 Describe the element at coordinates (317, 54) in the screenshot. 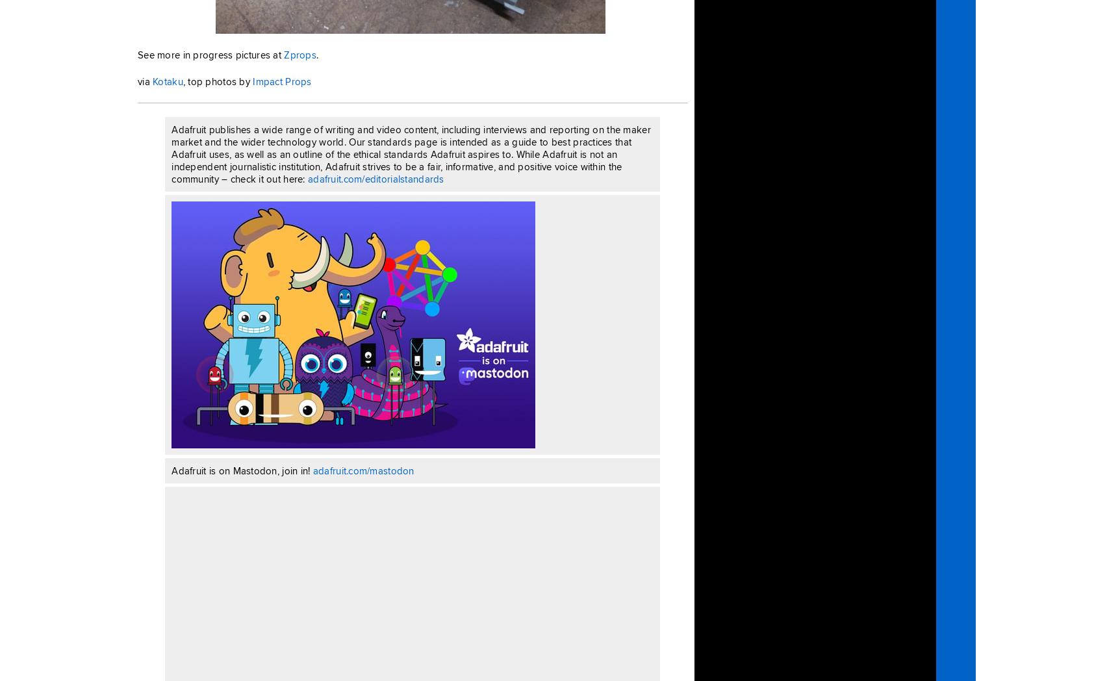

I see `'.'` at that location.